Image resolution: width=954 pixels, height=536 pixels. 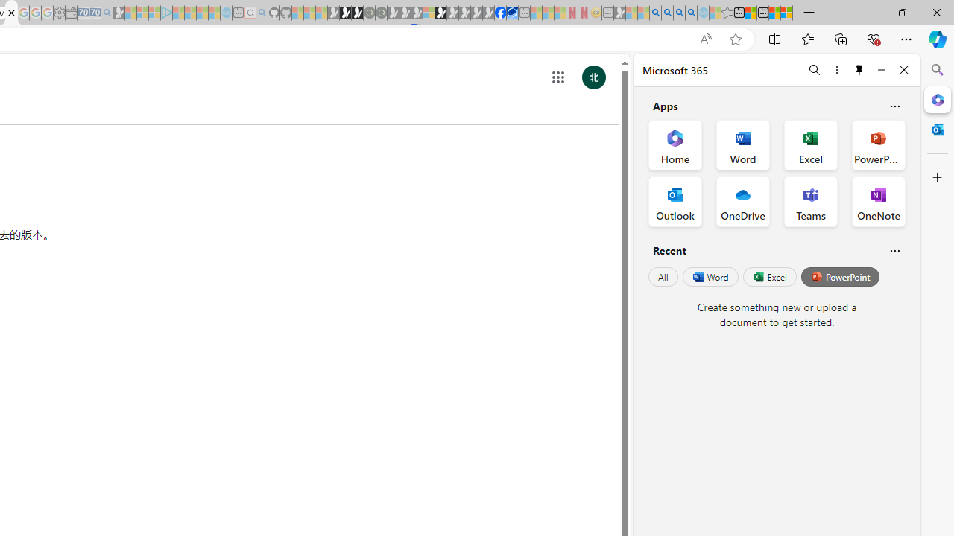 I want to click on 'Excel', so click(x=769, y=277).